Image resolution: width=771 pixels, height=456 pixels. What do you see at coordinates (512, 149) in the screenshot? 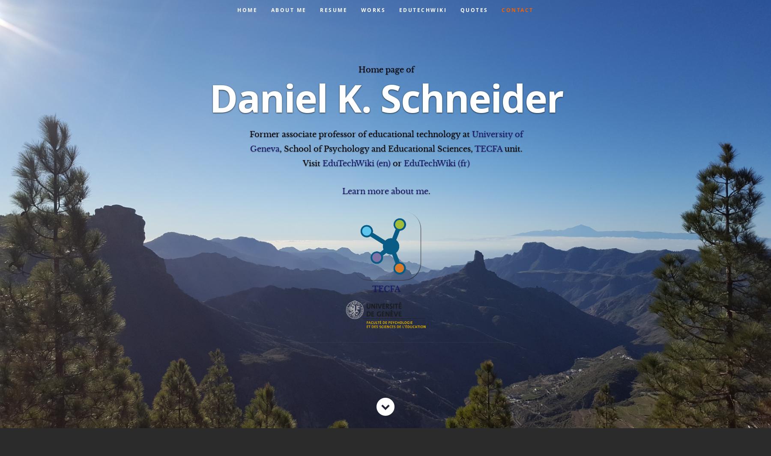
I see `'unit.'` at bounding box center [512, 149].